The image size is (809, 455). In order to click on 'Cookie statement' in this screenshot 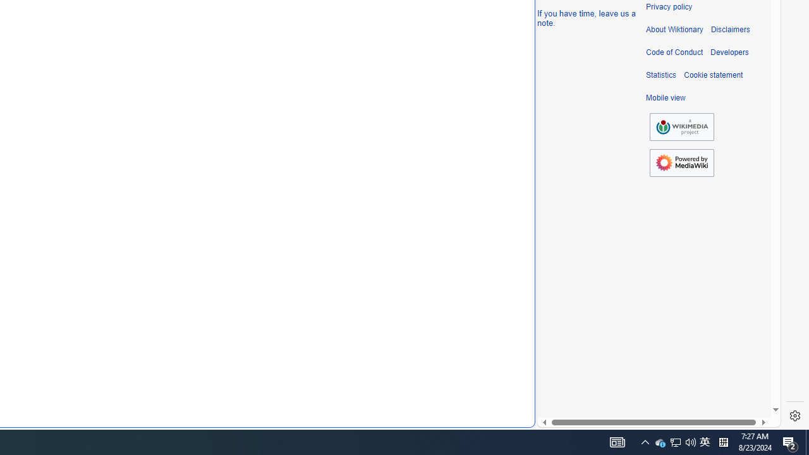, I will do `click(713, 75)`.